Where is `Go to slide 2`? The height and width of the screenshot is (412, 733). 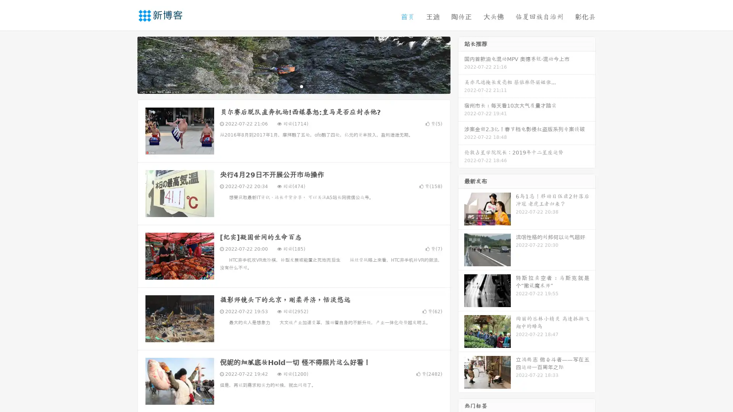
Go to slide 2 is located at coordinates (293, 86).